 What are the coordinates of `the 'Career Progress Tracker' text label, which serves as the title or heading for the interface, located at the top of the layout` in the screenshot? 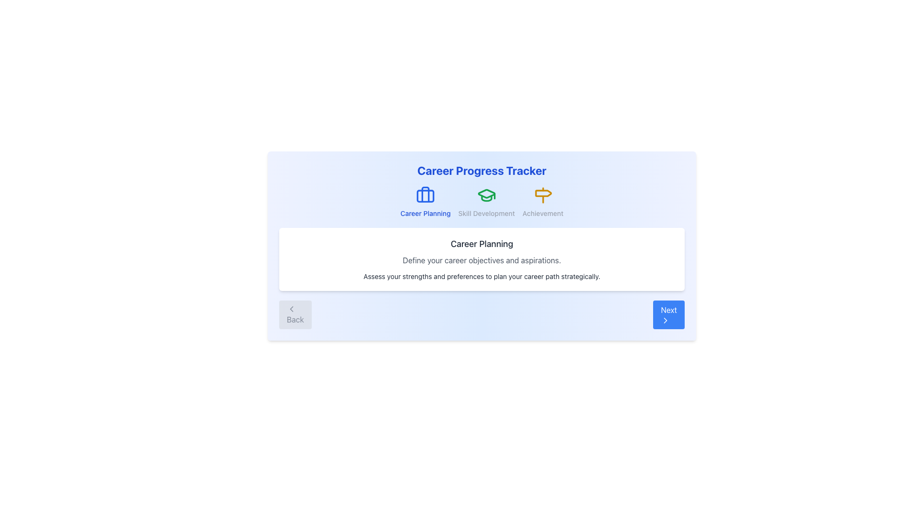 It's located at (482, 170).